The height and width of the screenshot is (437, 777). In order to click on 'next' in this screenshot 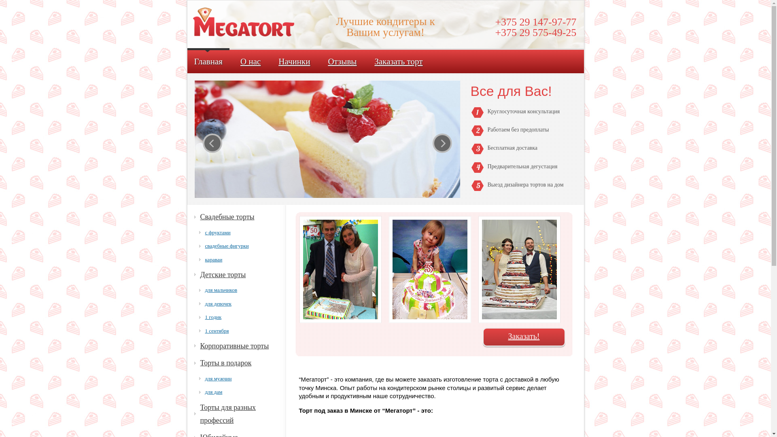, I will do `click(442, 143)`.